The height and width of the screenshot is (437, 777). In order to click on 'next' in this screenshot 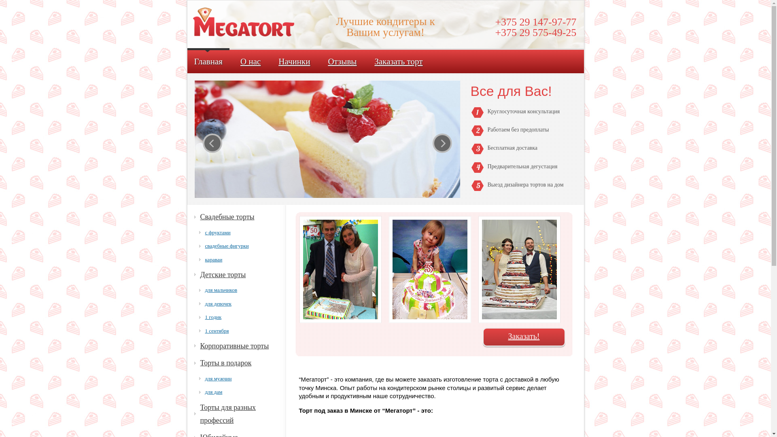, I will do `click(442, 143)`.